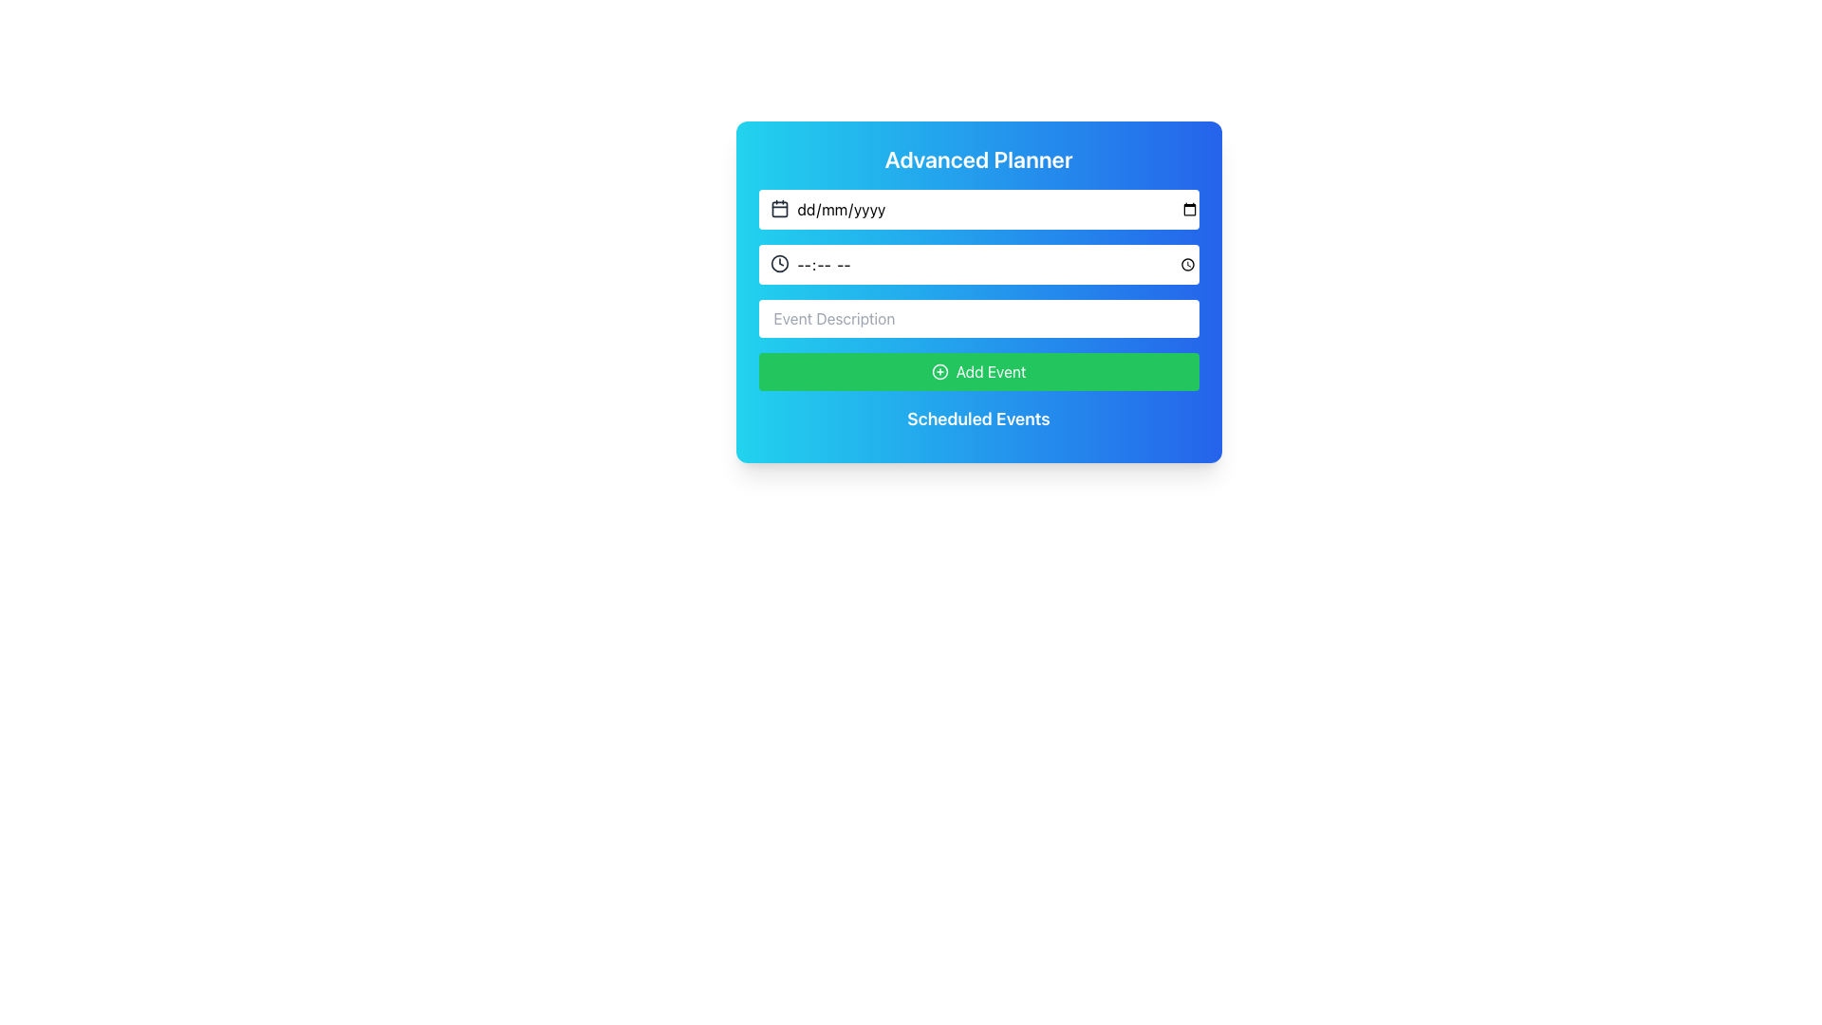 The width and height of the screenshot is (1822, 1025). What do you see at coordinates (990, 372) in the screenshot?
I see `the 'Add Event' button, which is a green rectangular button with white text displayed in bold font, positioned towards the center-right side of the button` at bounding box center [990, 372].